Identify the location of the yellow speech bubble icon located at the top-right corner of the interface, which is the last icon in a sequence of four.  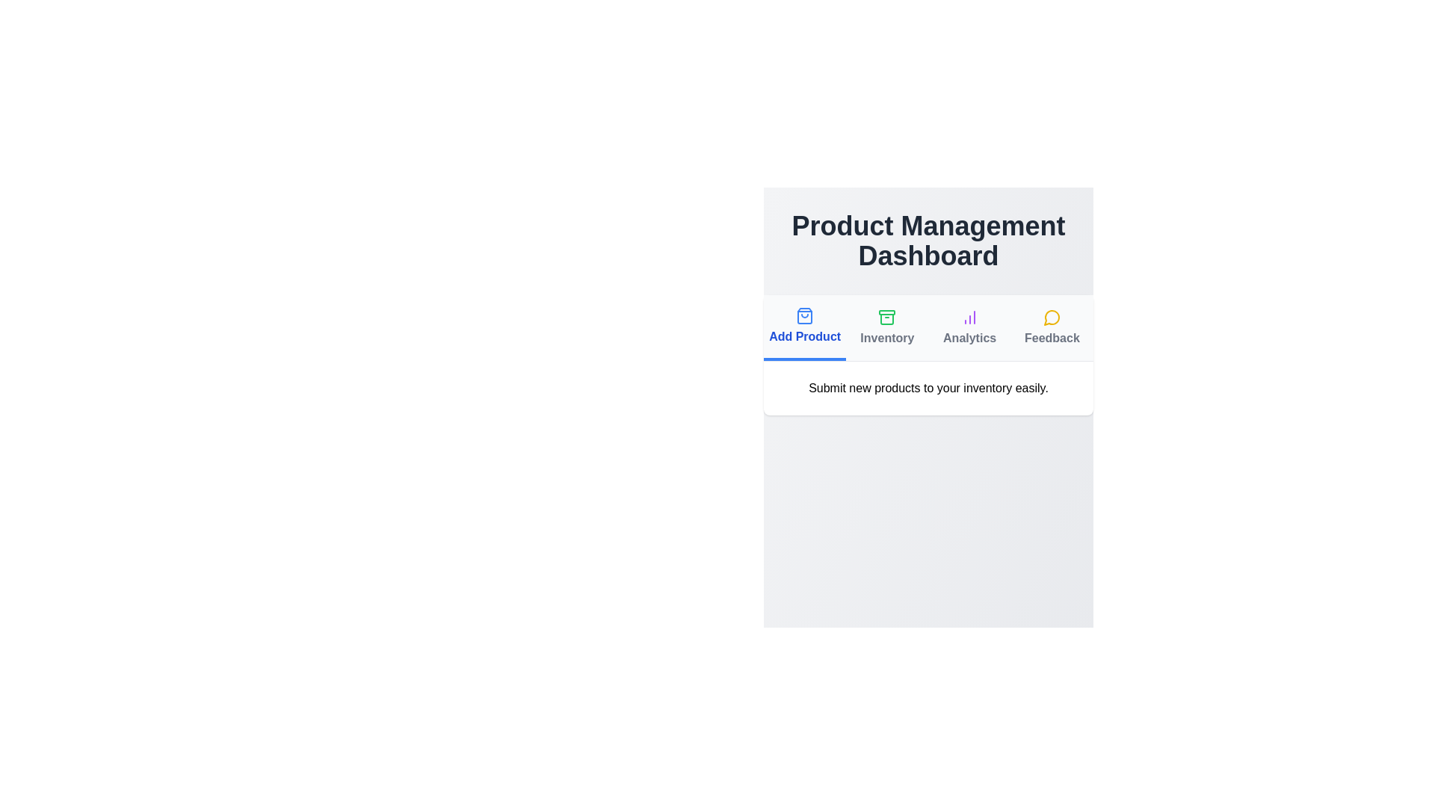
(1051, 316).